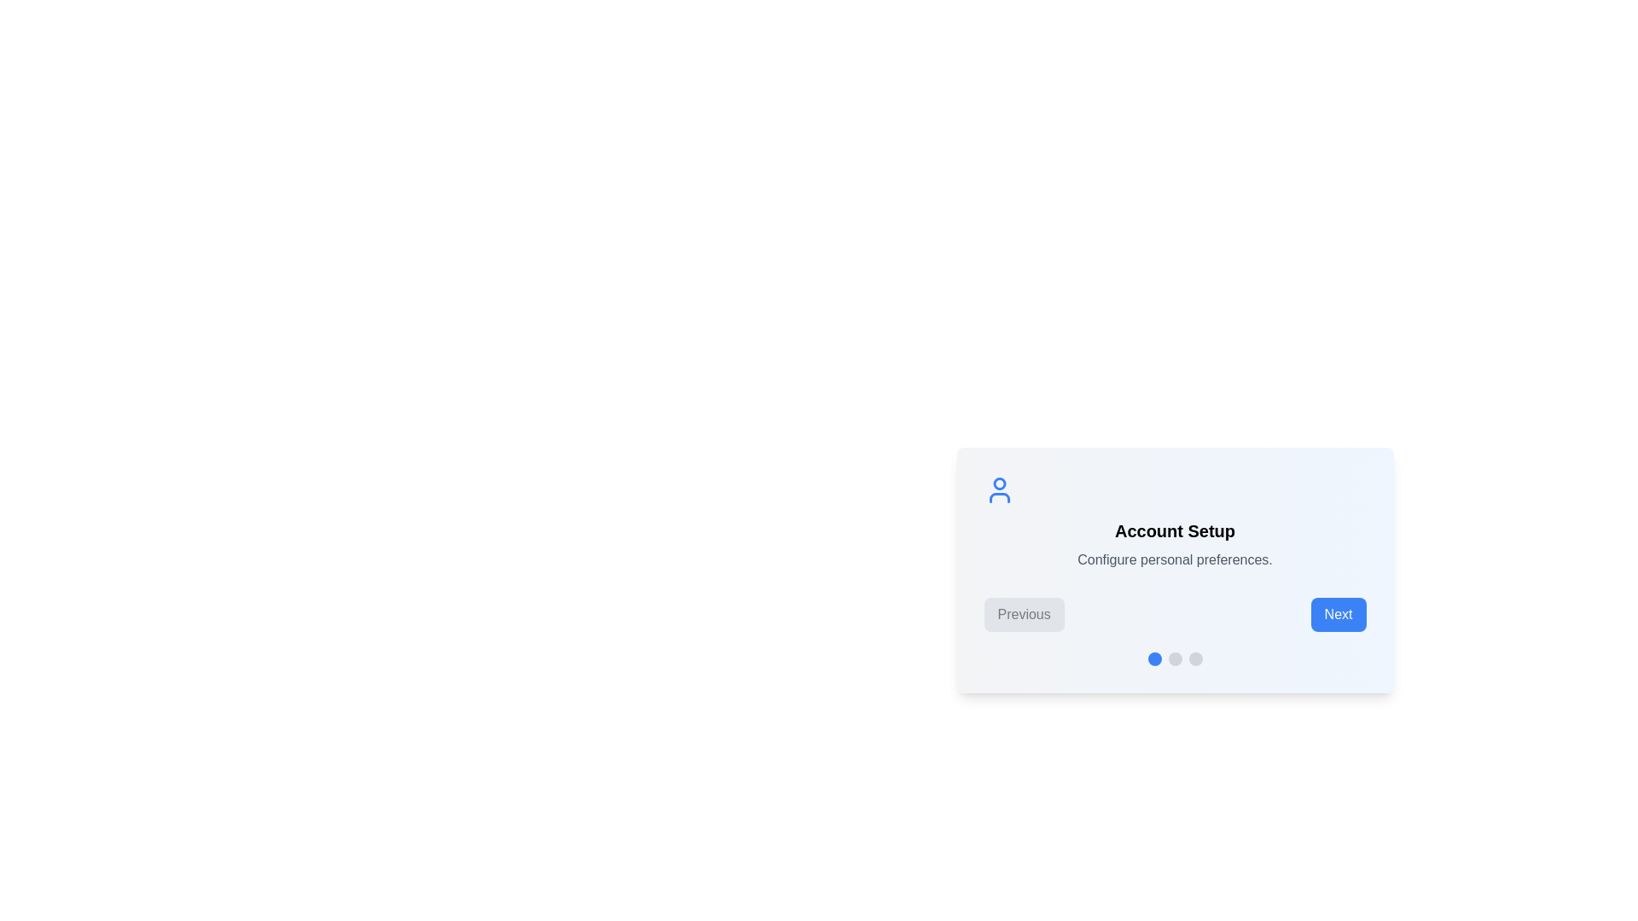 This screenshot has height=921, width=1638. Describe the element at coordinates (1024, 615) in the screenshot. I see `the 'Previous' button to navigate to the previous step` at that location.